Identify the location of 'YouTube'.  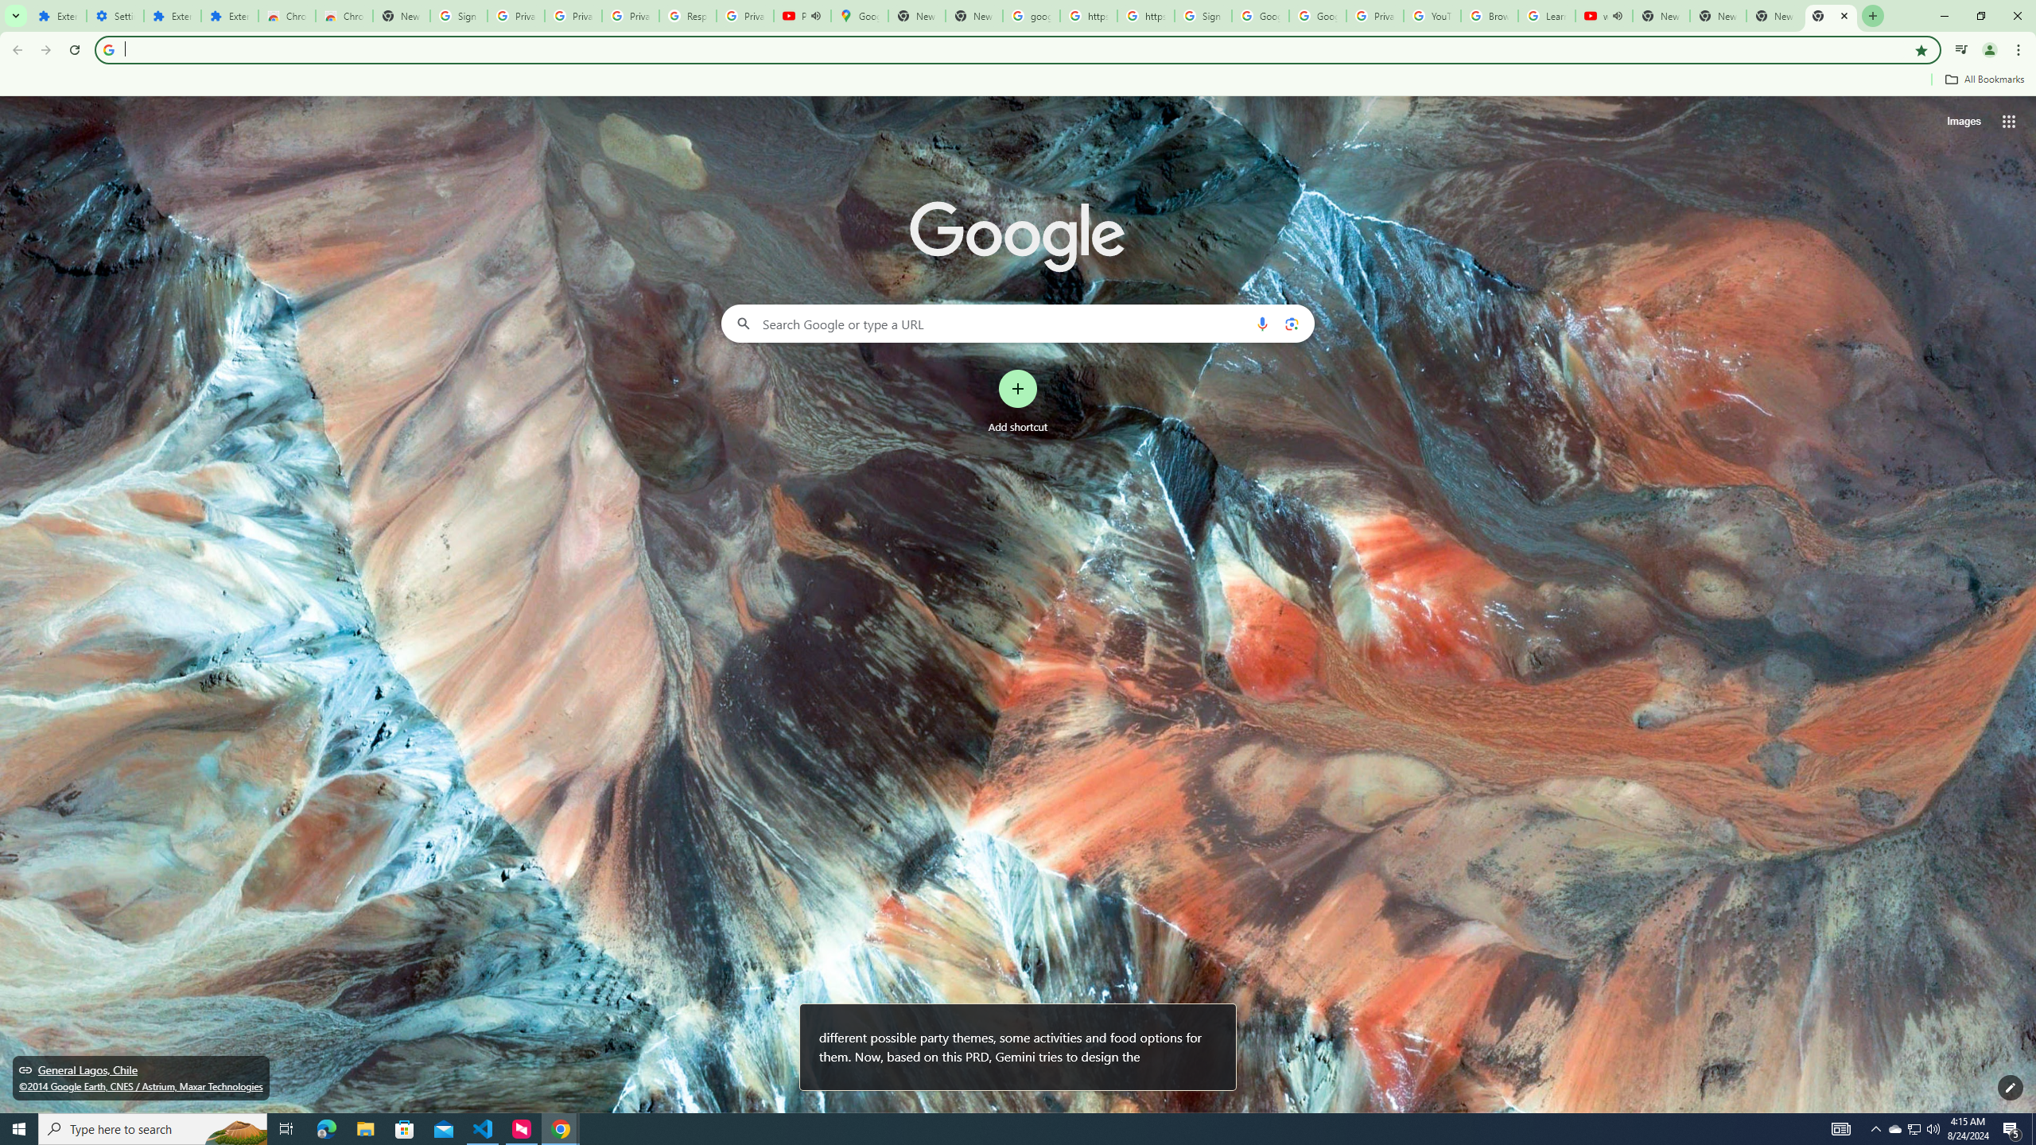
(1431, 15).